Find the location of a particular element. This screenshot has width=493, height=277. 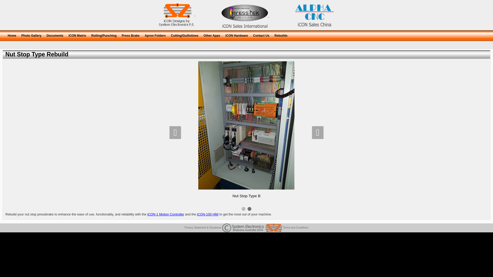

'iCON Hardware' is located at coordinates (236, 35).